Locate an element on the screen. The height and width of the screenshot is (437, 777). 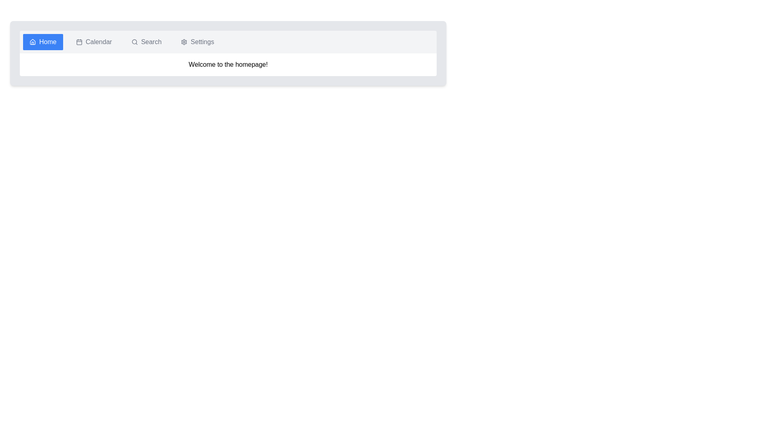
the search label text located in the navigation bar, next to the magnifying glass icon, which visually represents the search function is located at coordinates (151, 42).